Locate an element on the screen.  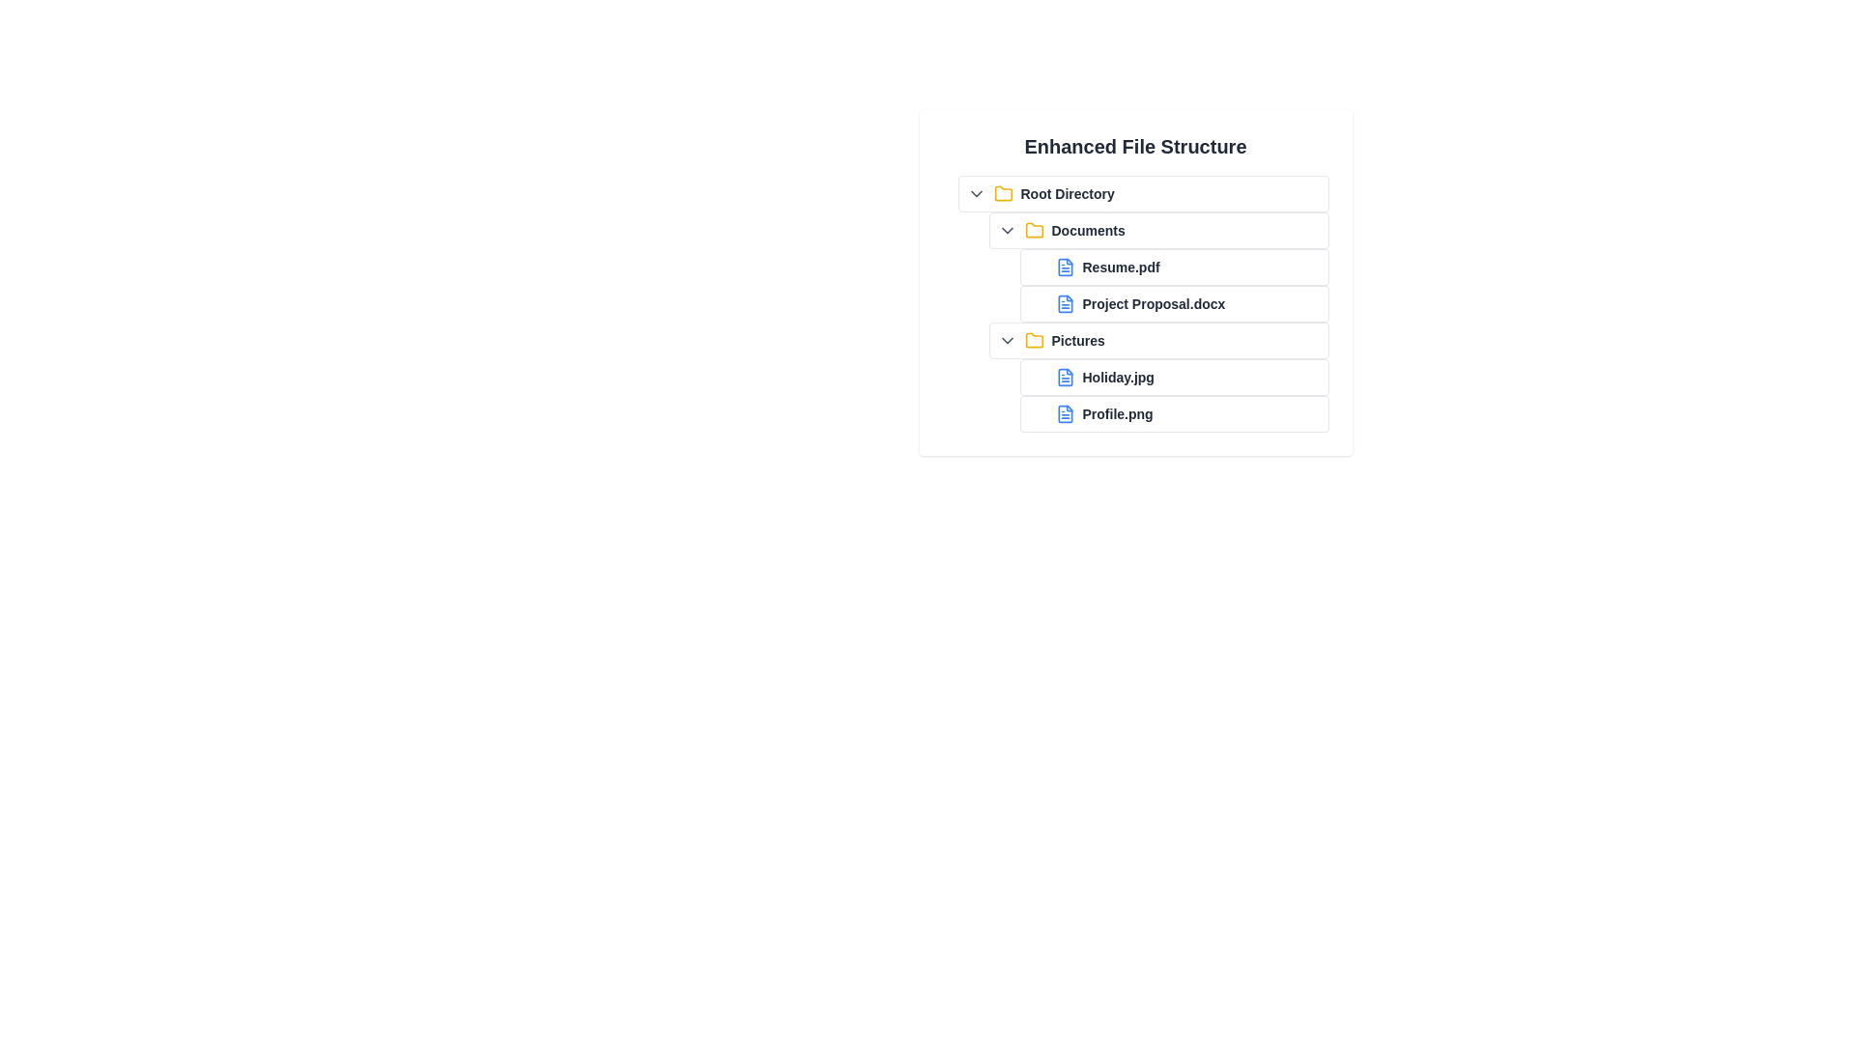
the file item labeled 'Holiday.jpg' in the file explorer is located at coordinates (1173, 377).